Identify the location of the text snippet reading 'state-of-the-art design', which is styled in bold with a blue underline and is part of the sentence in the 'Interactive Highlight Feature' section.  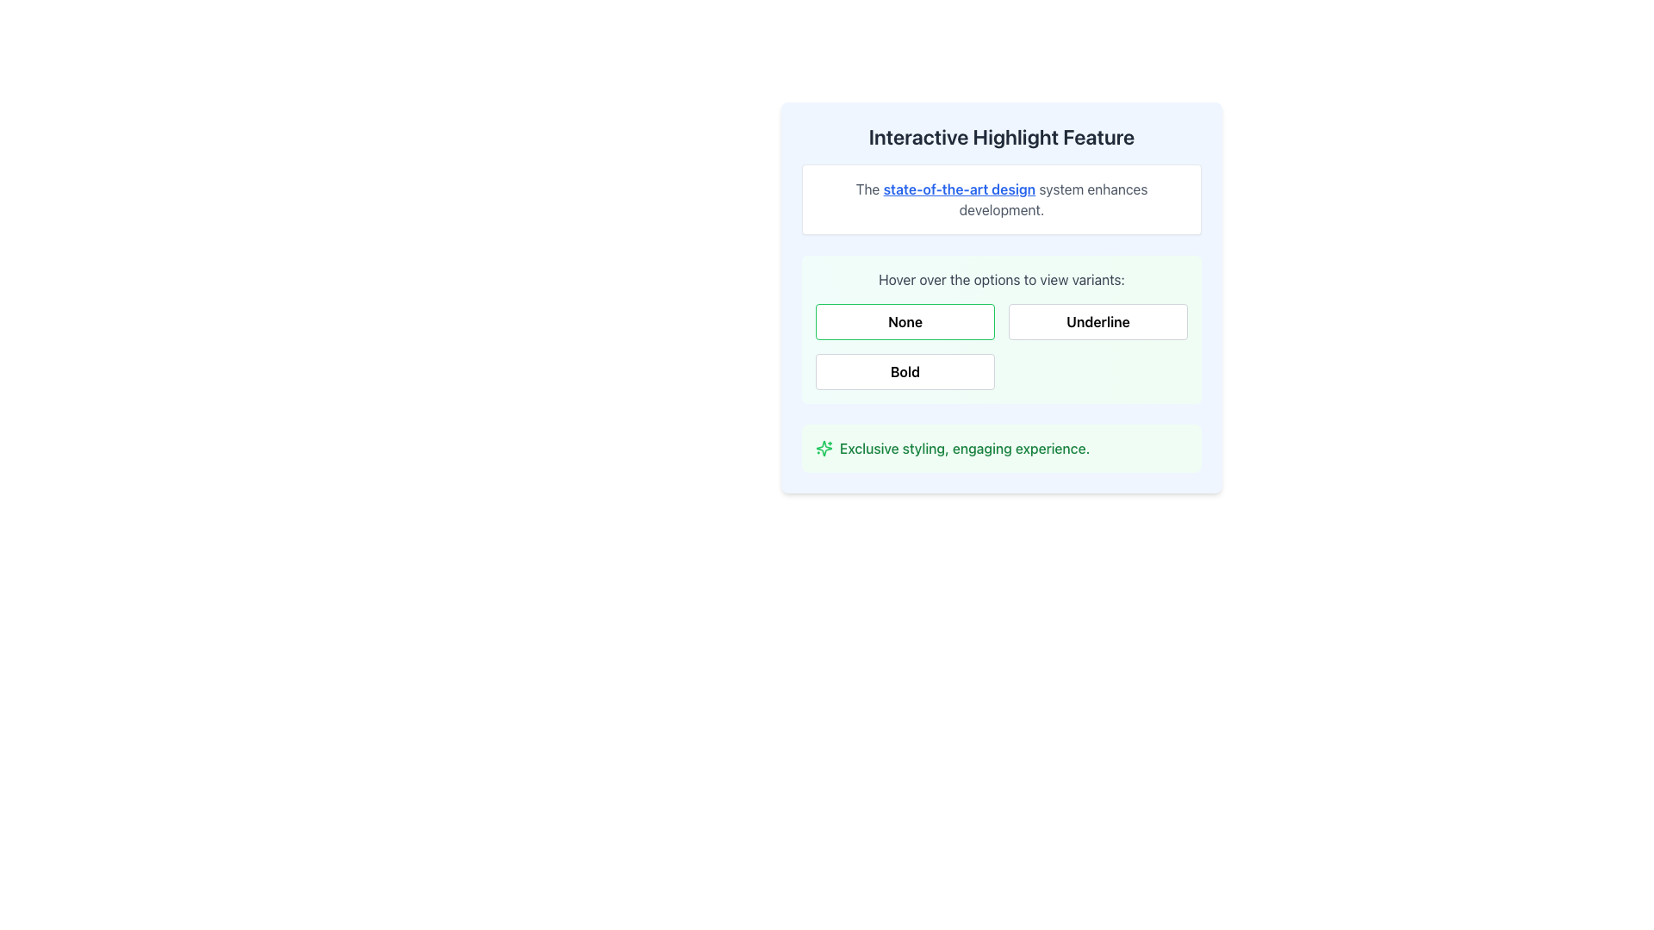
(958, 189).